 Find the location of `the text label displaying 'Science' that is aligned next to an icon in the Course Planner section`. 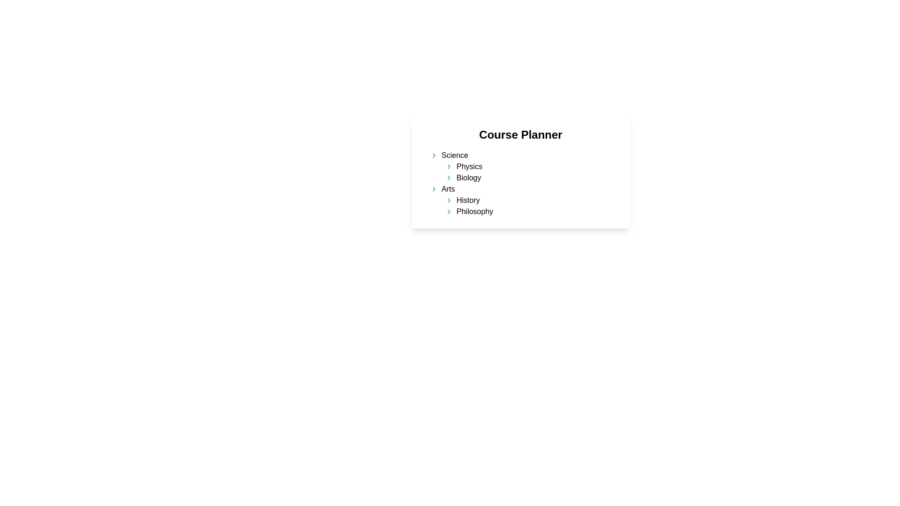

the text label displaying 'Science' that is aligned next to an icon in the Course Planner section is located at coordinates (455, 155).